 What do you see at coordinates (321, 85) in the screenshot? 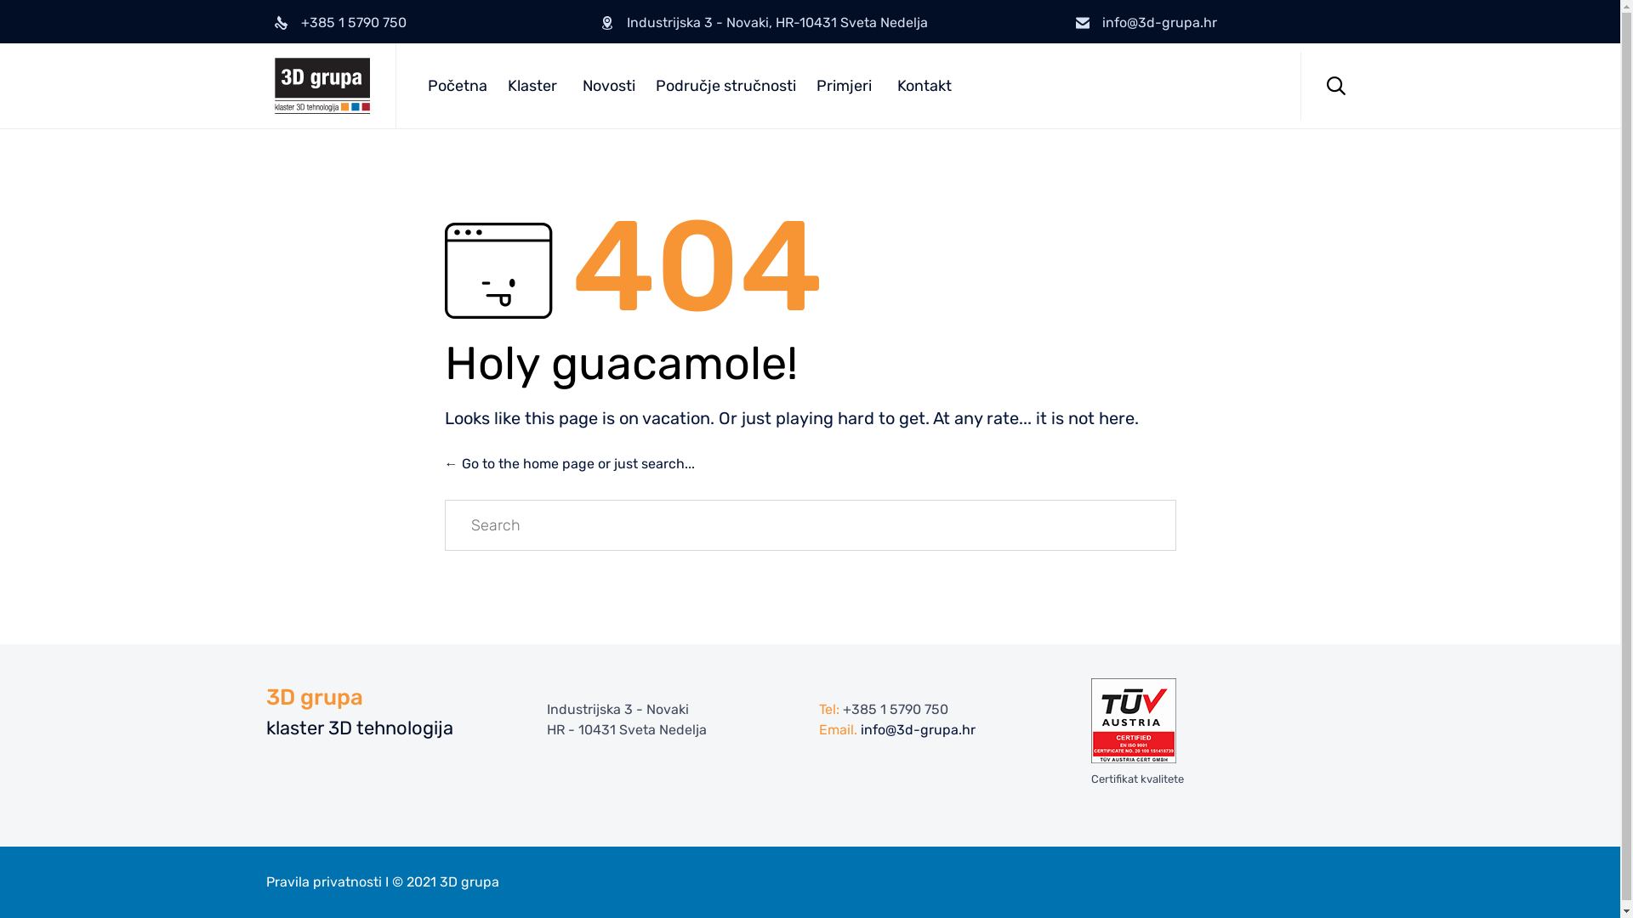
I see `'3D Grupa'` at bounding box center [321, 85].